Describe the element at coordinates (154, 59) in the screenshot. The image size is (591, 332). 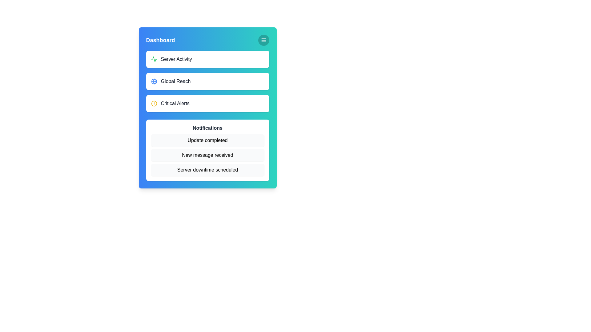
I see `the server activity icon located to the left of the 'Server Activity' text in the topmost list item of the 'Dashboard' card` at that location.